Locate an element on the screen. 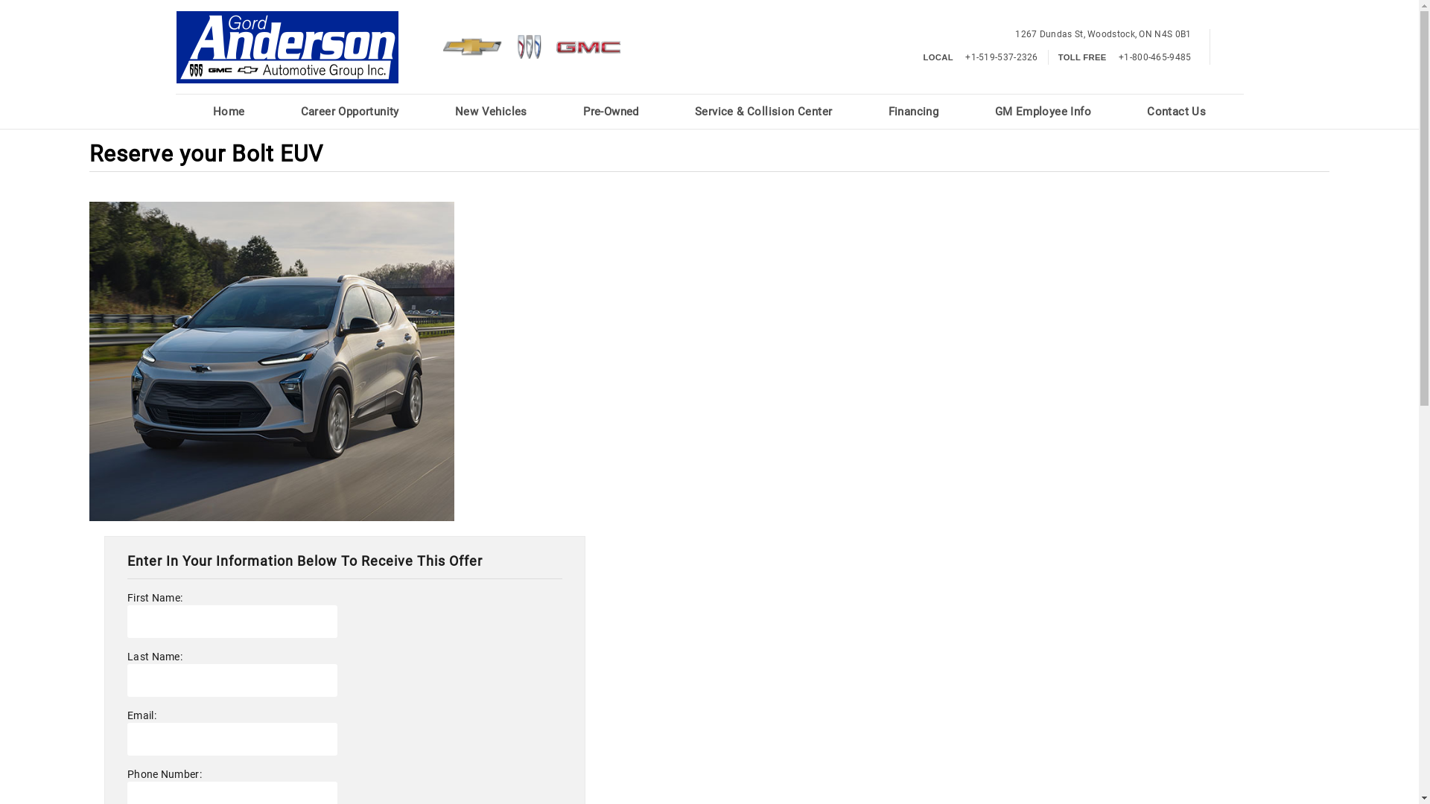  'Home' is located at coordinates (228, 111).